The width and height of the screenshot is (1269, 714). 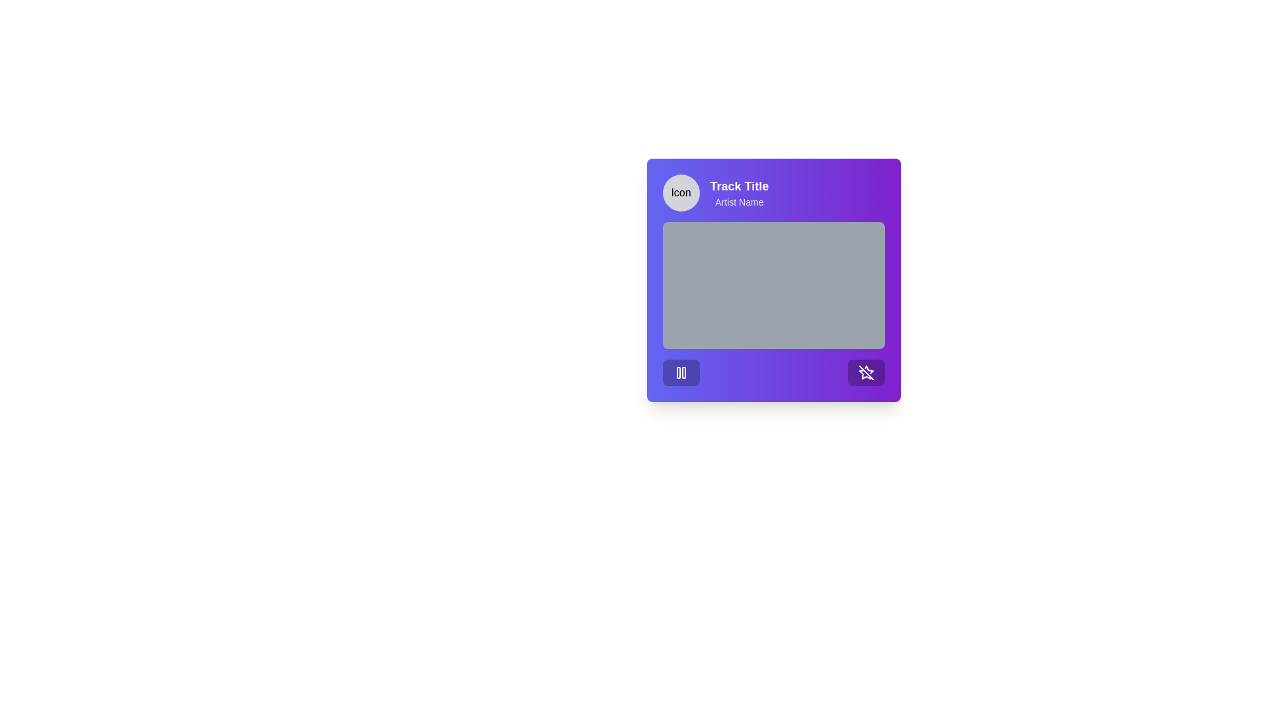 I want to click on the rectangular content display area that has a gray background and rounded corners, so click(x=773, y=285).